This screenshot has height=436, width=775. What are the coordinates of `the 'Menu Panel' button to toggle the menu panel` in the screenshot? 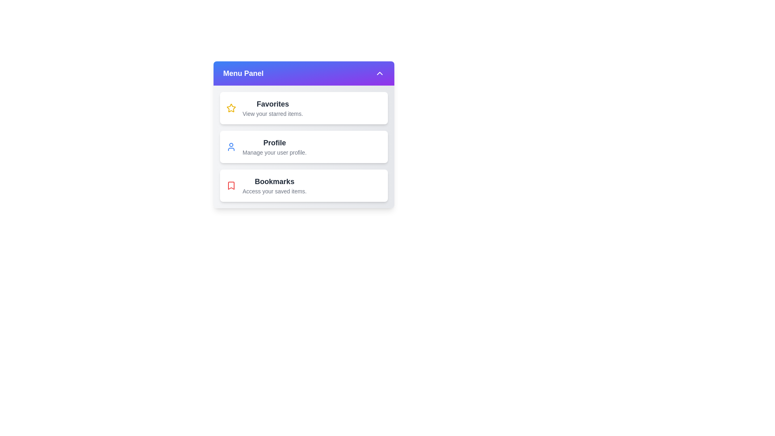 It's located at (304, 73).